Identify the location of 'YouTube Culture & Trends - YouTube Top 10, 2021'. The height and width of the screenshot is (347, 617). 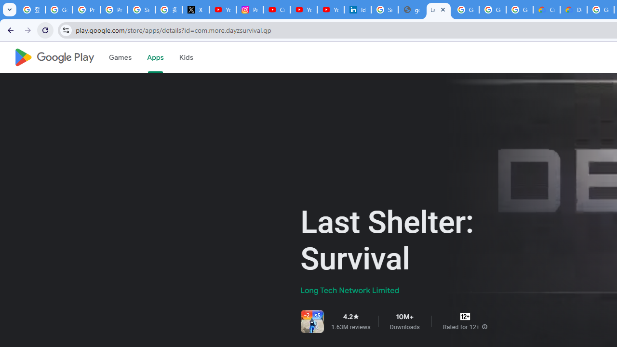
(331, 10).